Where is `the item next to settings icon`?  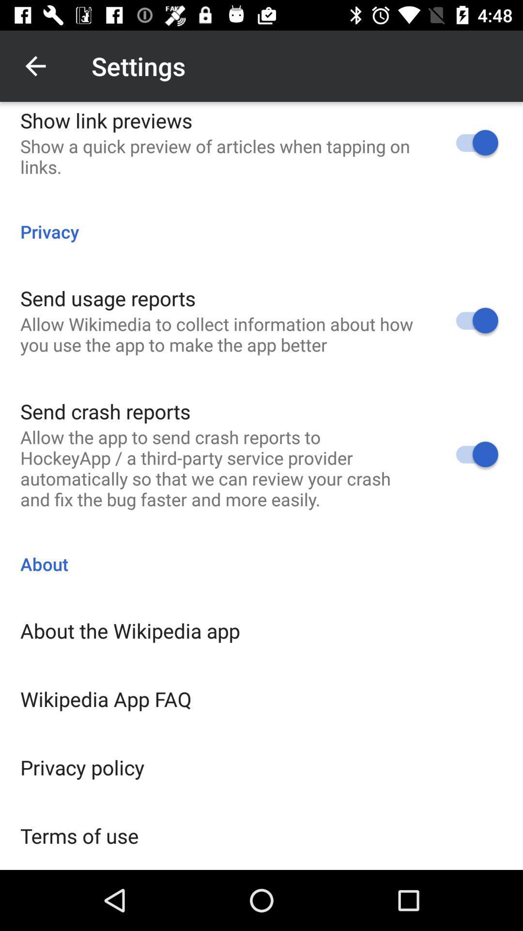
the item next to settings icon is located at coordinates (35, 65).